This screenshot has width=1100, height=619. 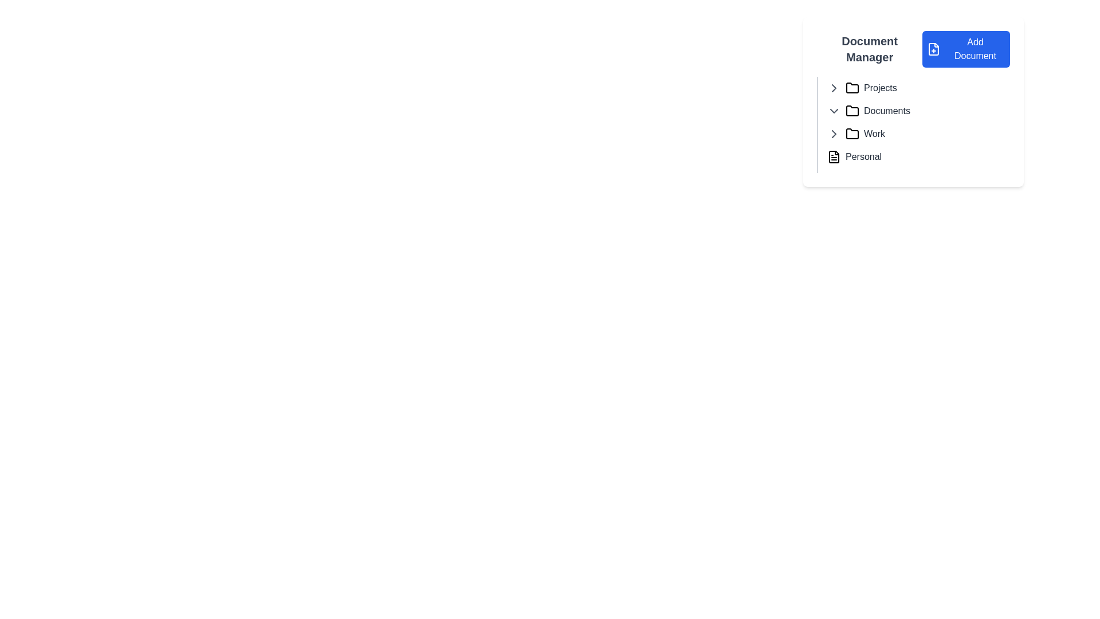 I want to click on the leading icon associated with the 'Personal' label in the document manager items list for interaction, so click(x=834, y=156).